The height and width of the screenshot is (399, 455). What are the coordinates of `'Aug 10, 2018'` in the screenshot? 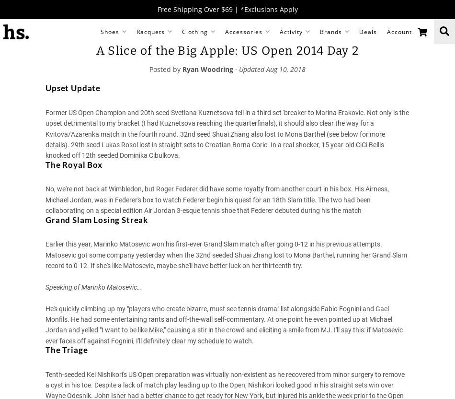 It's located at (266, 69).